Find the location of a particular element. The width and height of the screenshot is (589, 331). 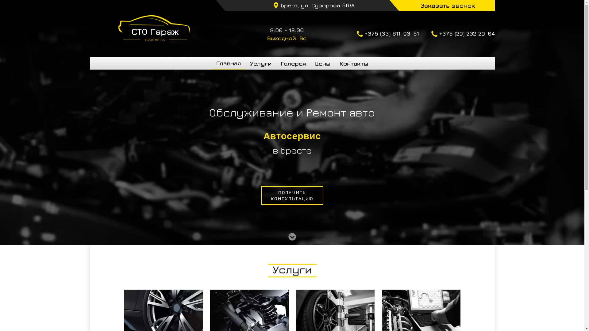

'+375 (33) 611-93-51' is located at coordinates (356, 34).